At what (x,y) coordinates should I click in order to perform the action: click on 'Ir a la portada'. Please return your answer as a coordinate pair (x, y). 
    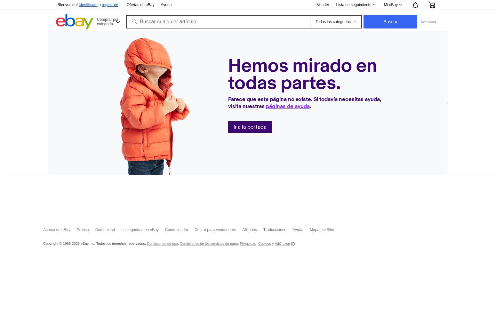
    Looking at the image, I should click on (249, 127).